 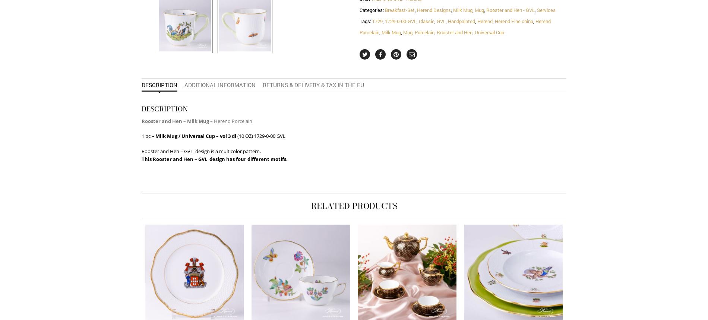 I want to click on 'Universal Cup', so click(x=489, y=32).